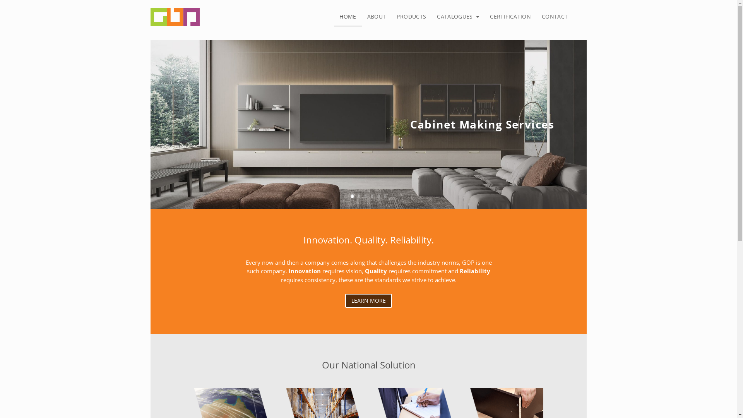 This screenshot has width=743, height=418. What do you see at coordinates (410, 126) in the screenshot?
I see `'Cabinet Making Services'` at bounding box center [410, 126].